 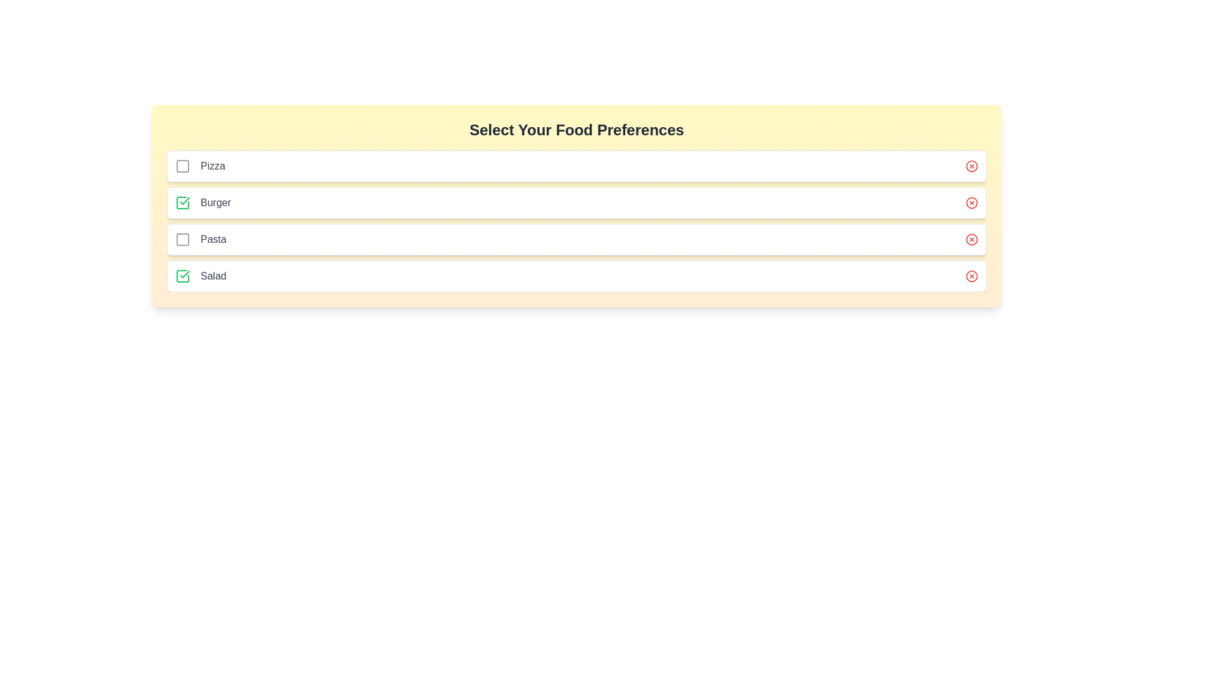 I want to click on the checkbox for 'Pasta', which is a square-shaped checkbox with a light gray border and white background, positioned adjacent to its label, so click(x=182, y=239).